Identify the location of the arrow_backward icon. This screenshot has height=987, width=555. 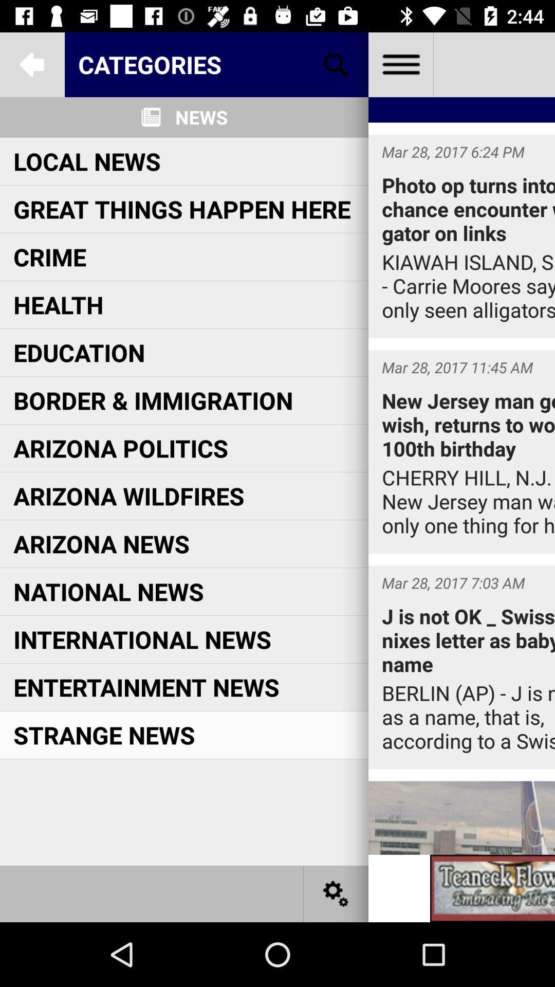
(31, 64).